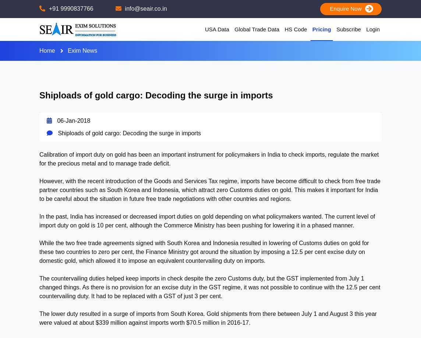 The width and height of the screenshot is (421, 338). What do you see at coordinates (217, 28) in the screenshot?
I see `'USA Data'` at bounding box center [217, 28].